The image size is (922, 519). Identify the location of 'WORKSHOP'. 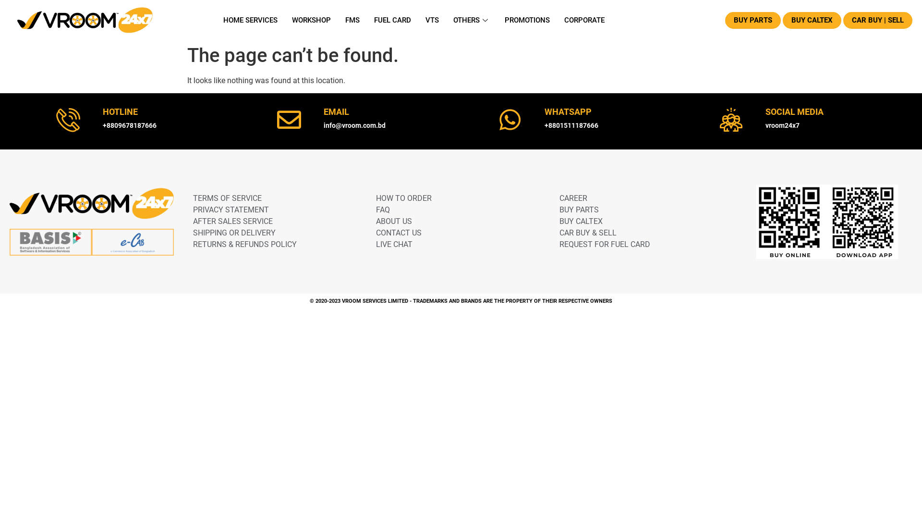
(311, 20).